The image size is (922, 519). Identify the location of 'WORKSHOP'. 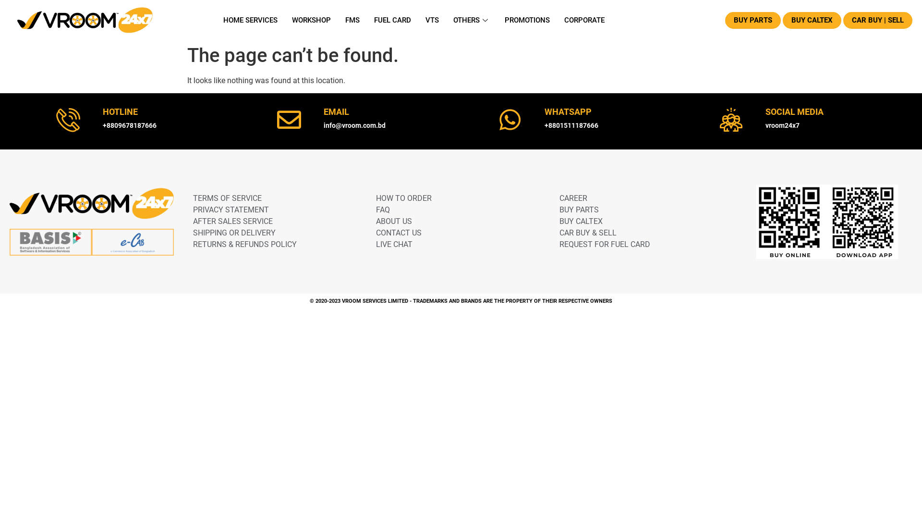
(311, 20).